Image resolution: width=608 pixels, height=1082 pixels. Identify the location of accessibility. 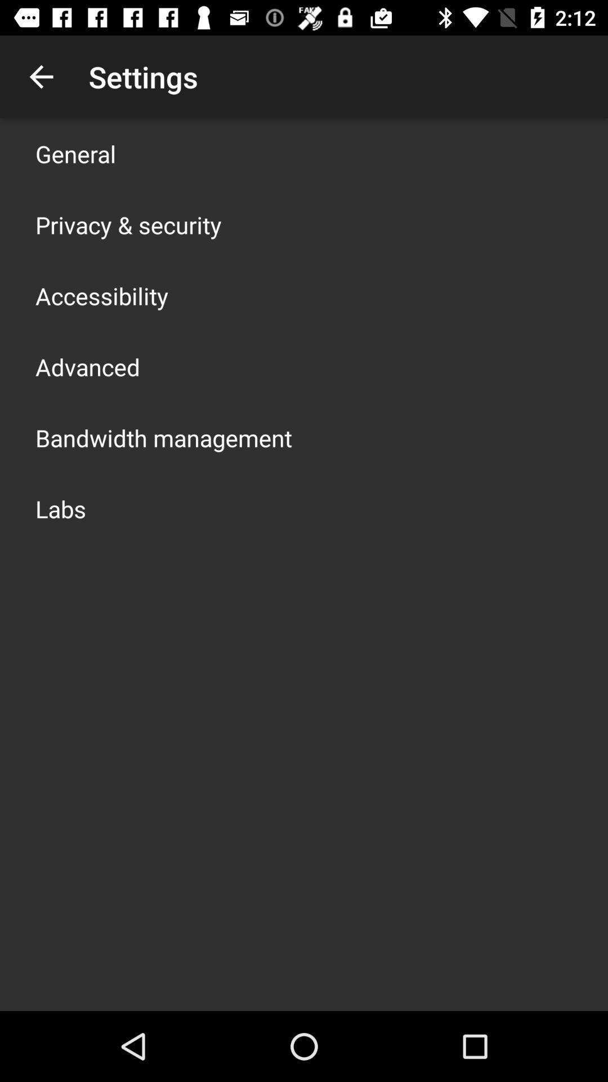
(102, 295).